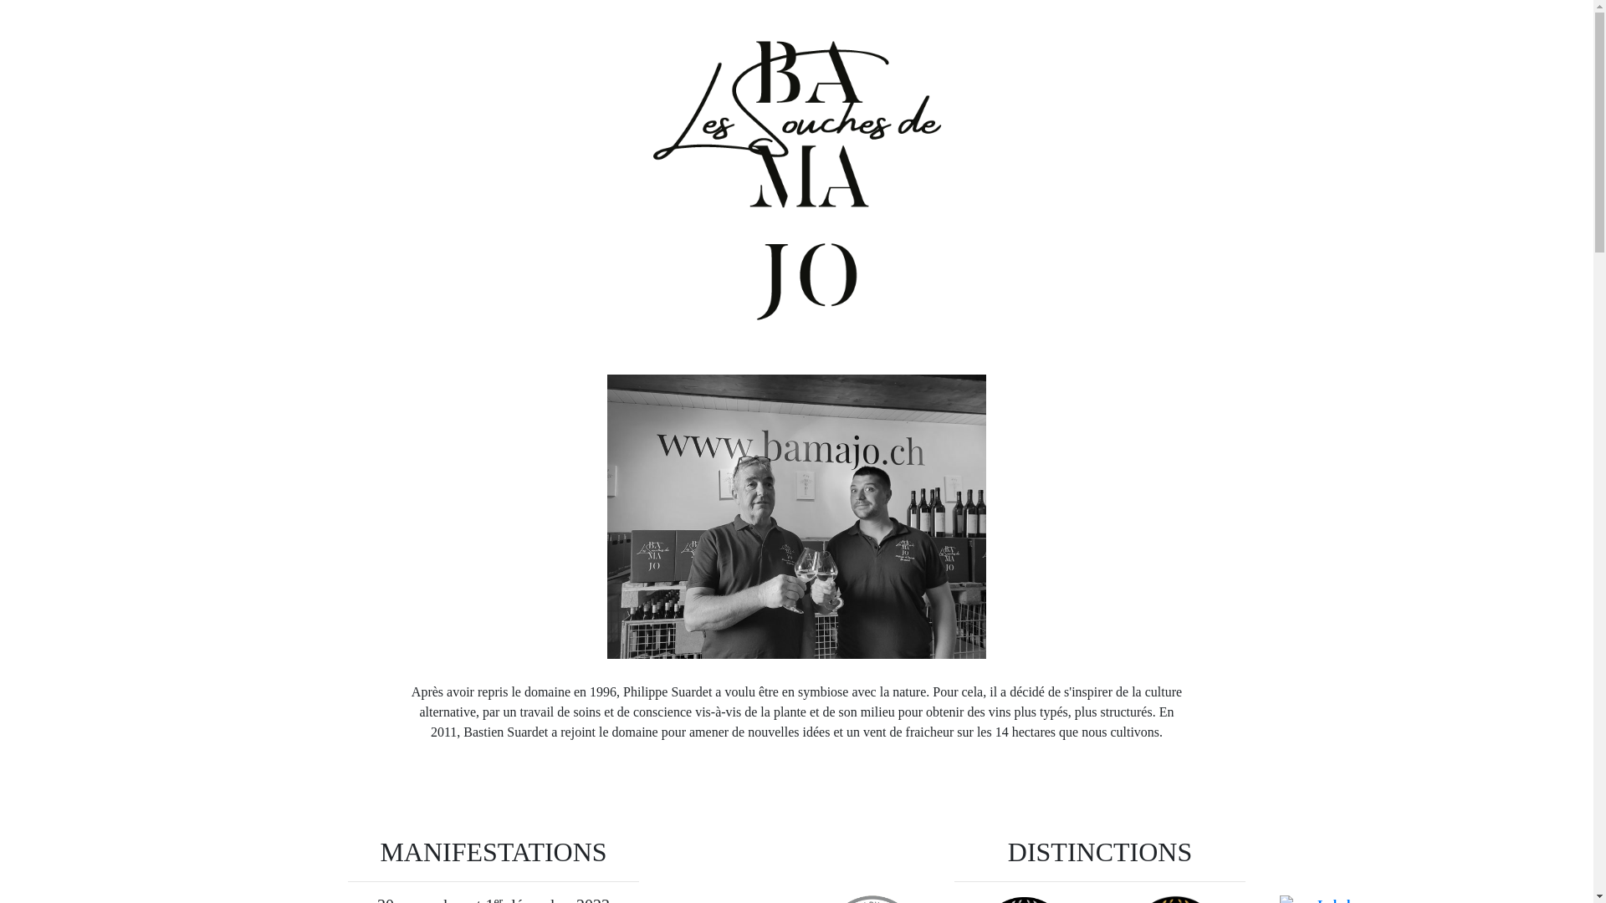  Describe the element at coordinates (795, 181) in the screenshot. I see `'Logo des Souches de Bamajo'` at that location.